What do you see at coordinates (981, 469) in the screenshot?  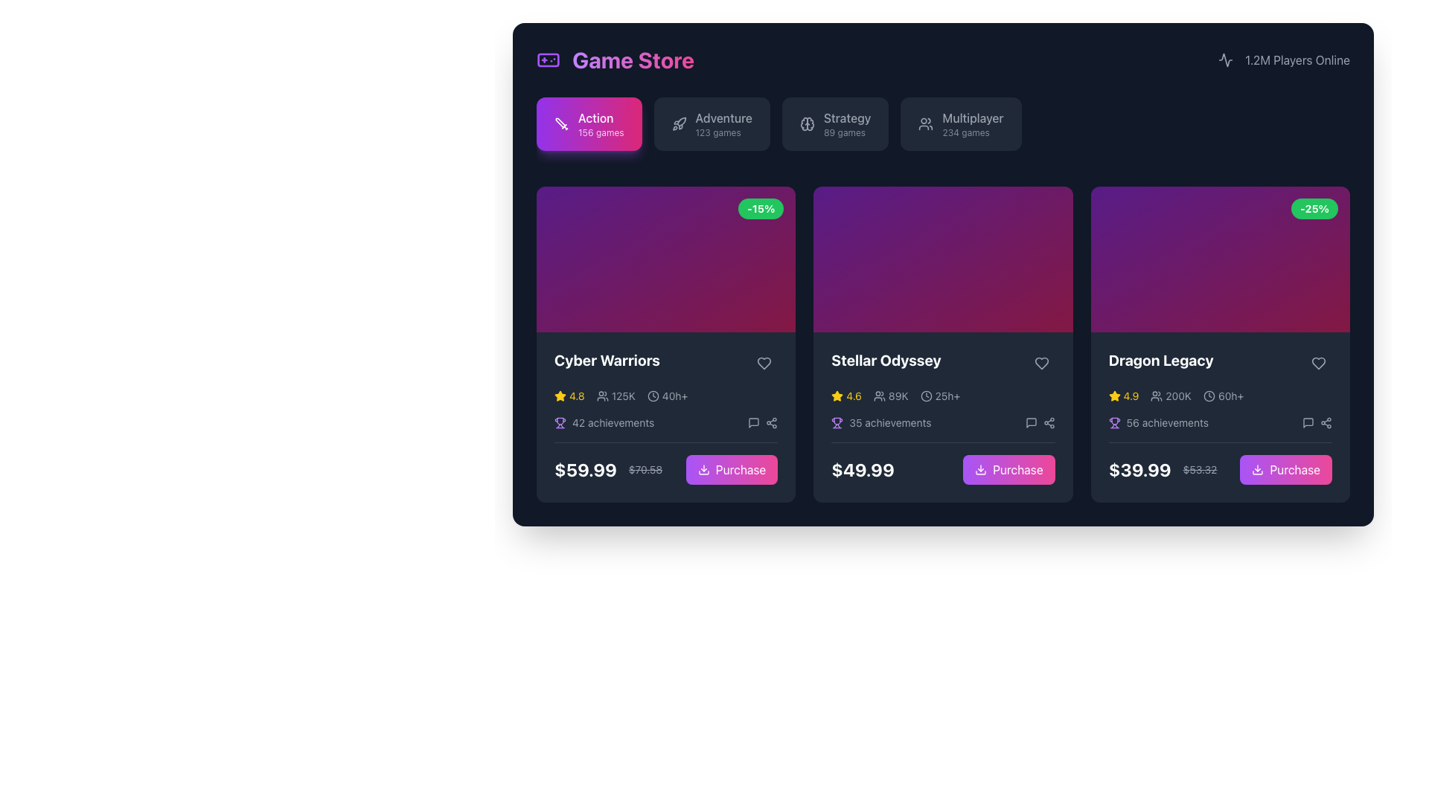 I see `the download icon within the 'Purchase' button of the second card for the game 'Stellar Odyssey' to initiate a download` at bounding box center [981, 469].